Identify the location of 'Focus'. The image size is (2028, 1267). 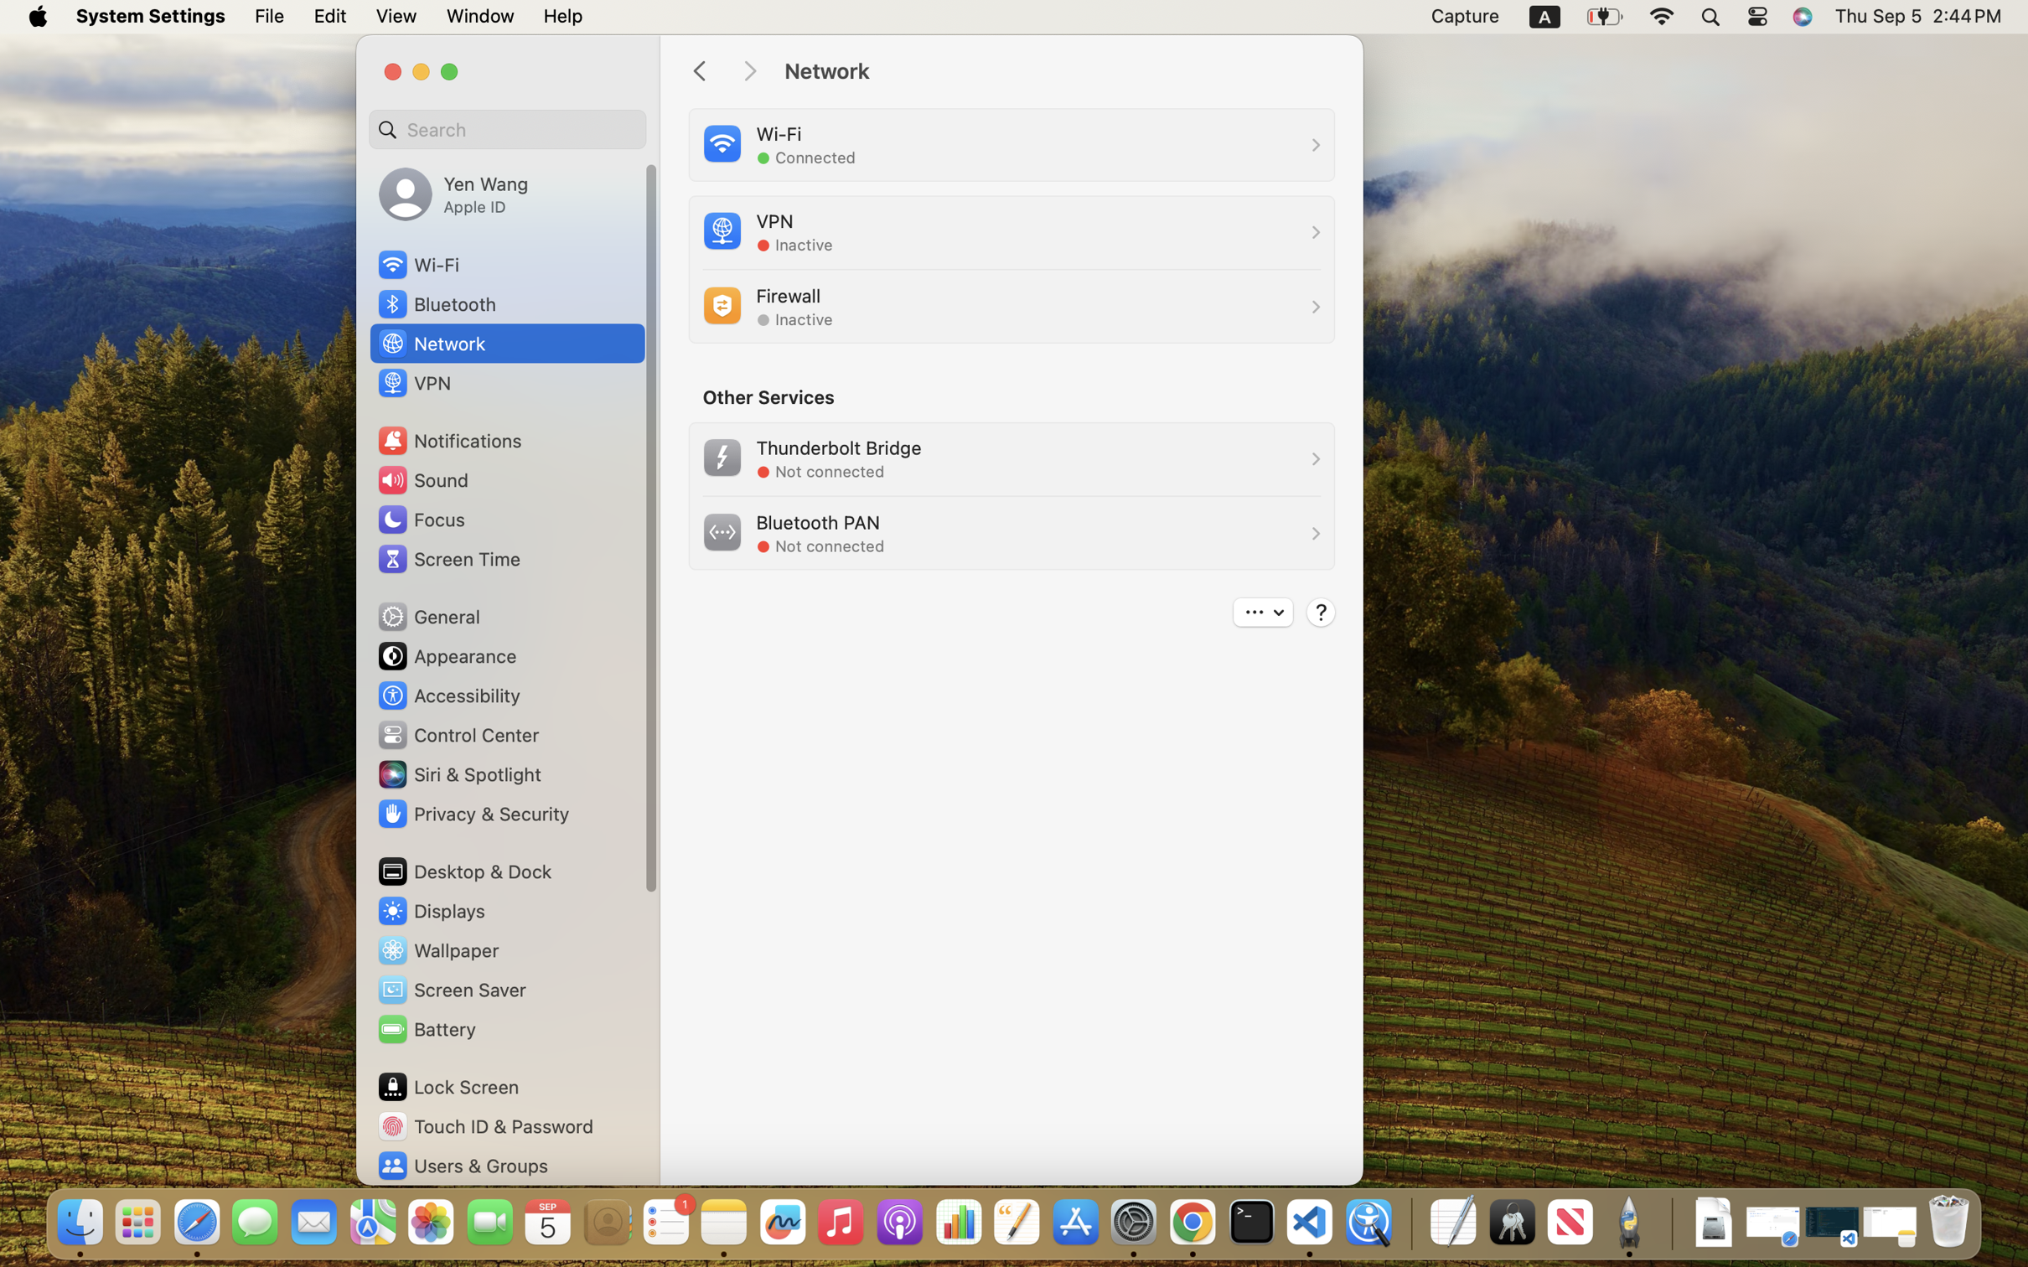
(421, 519).